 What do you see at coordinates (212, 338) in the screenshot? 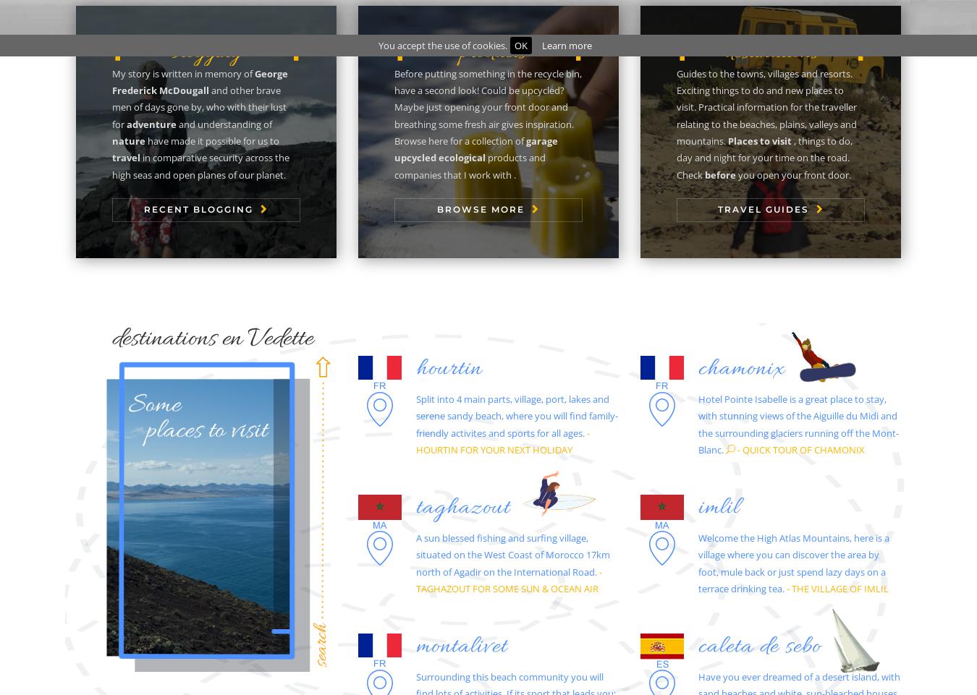
I see `'destinations en Vedette'` at bounding box center [212, 338].